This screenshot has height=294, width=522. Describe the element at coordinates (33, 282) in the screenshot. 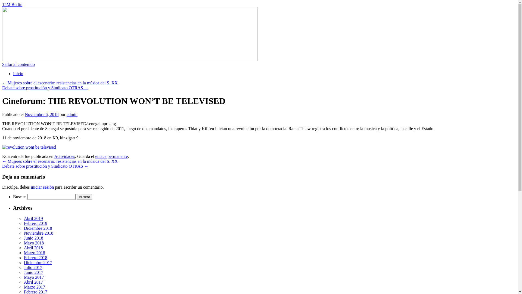

I see `'Abril 2017'` at that location.